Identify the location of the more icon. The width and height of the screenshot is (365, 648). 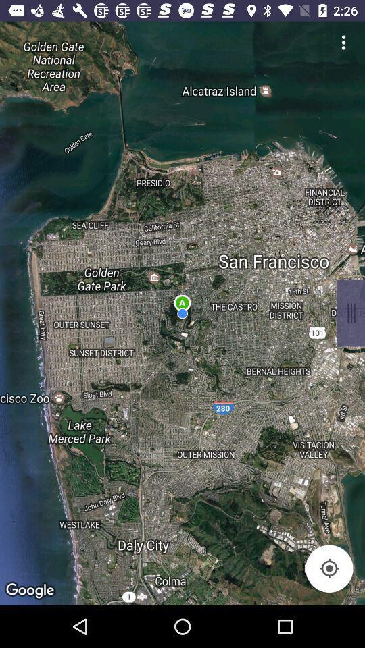
(343, 42).